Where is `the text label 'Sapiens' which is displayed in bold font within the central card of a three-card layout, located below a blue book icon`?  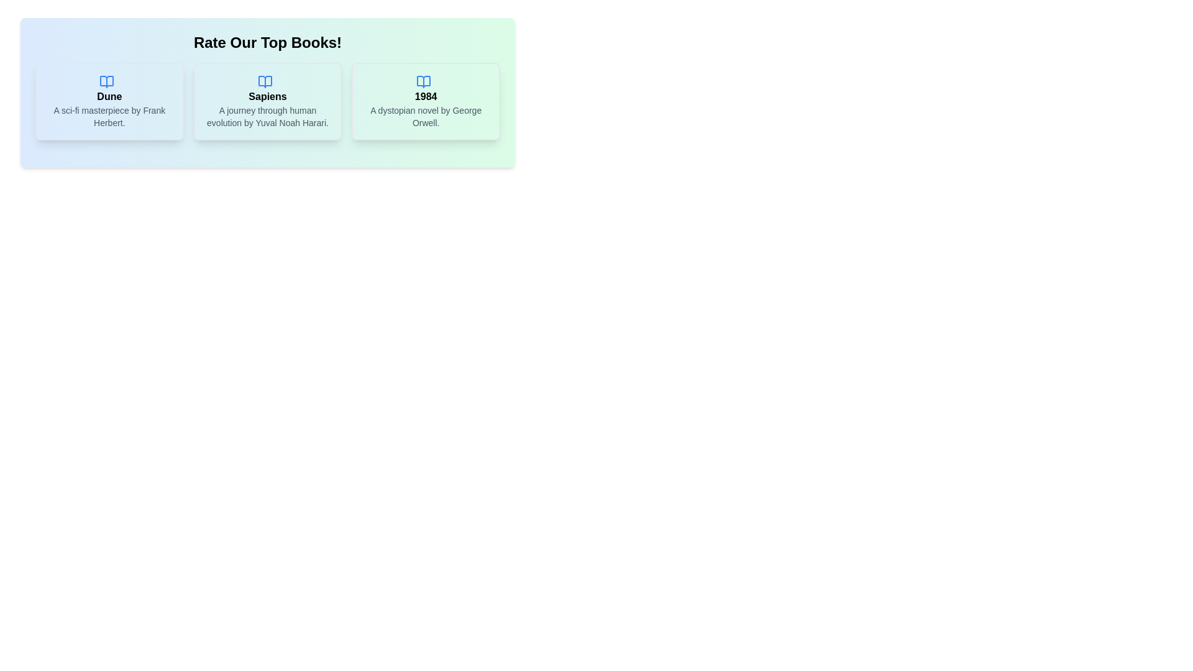 the text label 'Sapiens' which is displayed in bold font within the central card of a three-card layout, located below a blue book icon is located at coordinates (267, 96).